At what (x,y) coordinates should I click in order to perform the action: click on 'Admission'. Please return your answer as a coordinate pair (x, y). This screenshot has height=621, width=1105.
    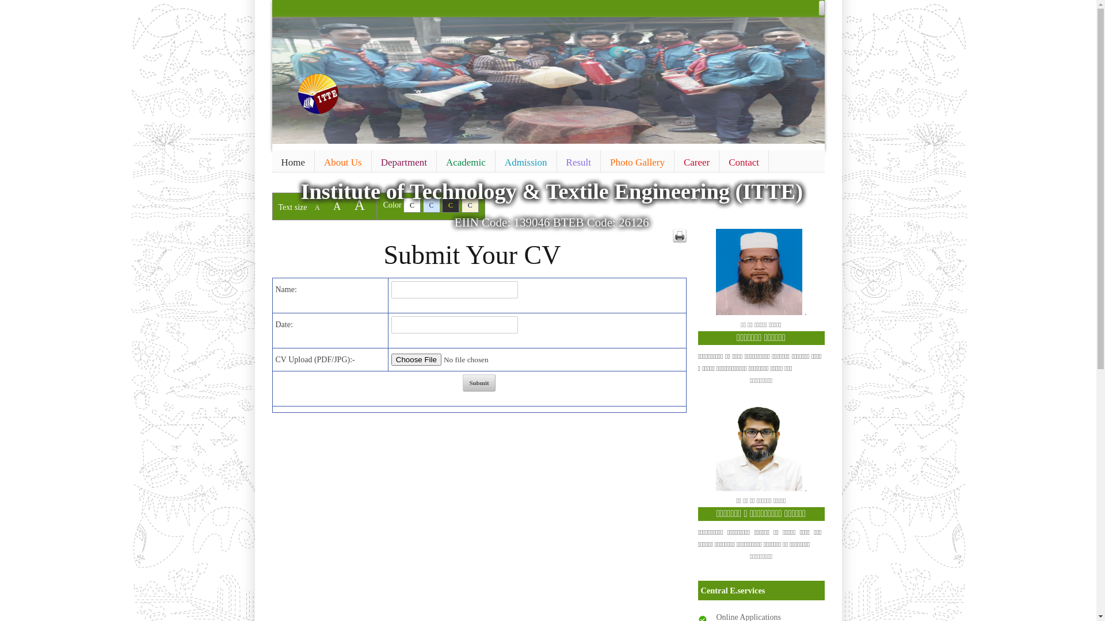
    Looking at the image, I should click on (525, 162).